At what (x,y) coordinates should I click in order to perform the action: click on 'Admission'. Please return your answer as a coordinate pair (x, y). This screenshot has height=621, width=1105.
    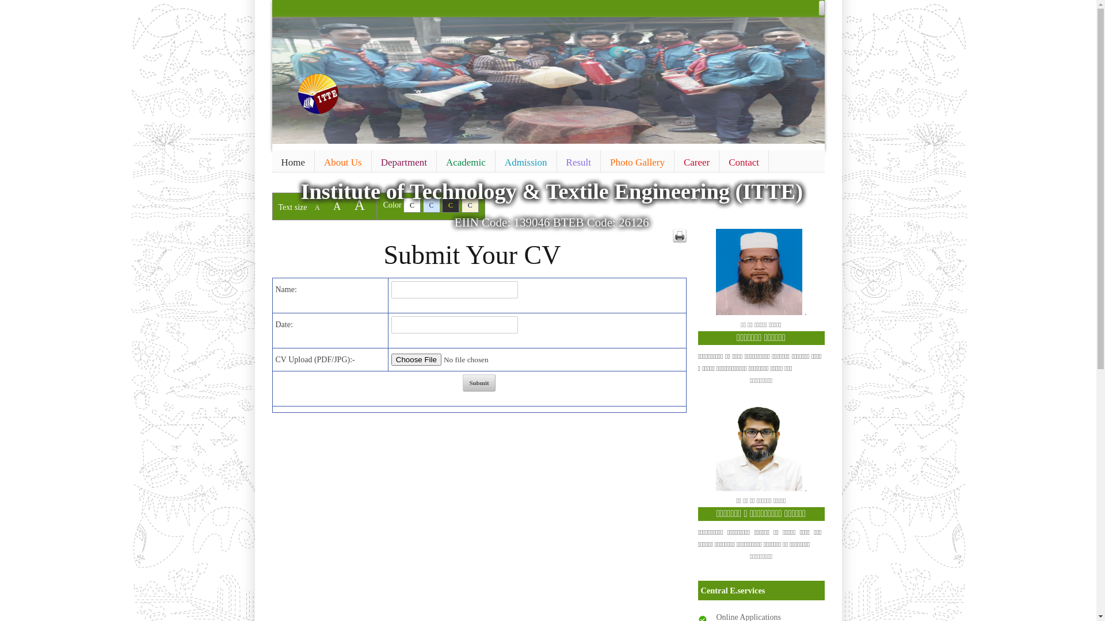
    Looking at the image, I should click on (525, 162).